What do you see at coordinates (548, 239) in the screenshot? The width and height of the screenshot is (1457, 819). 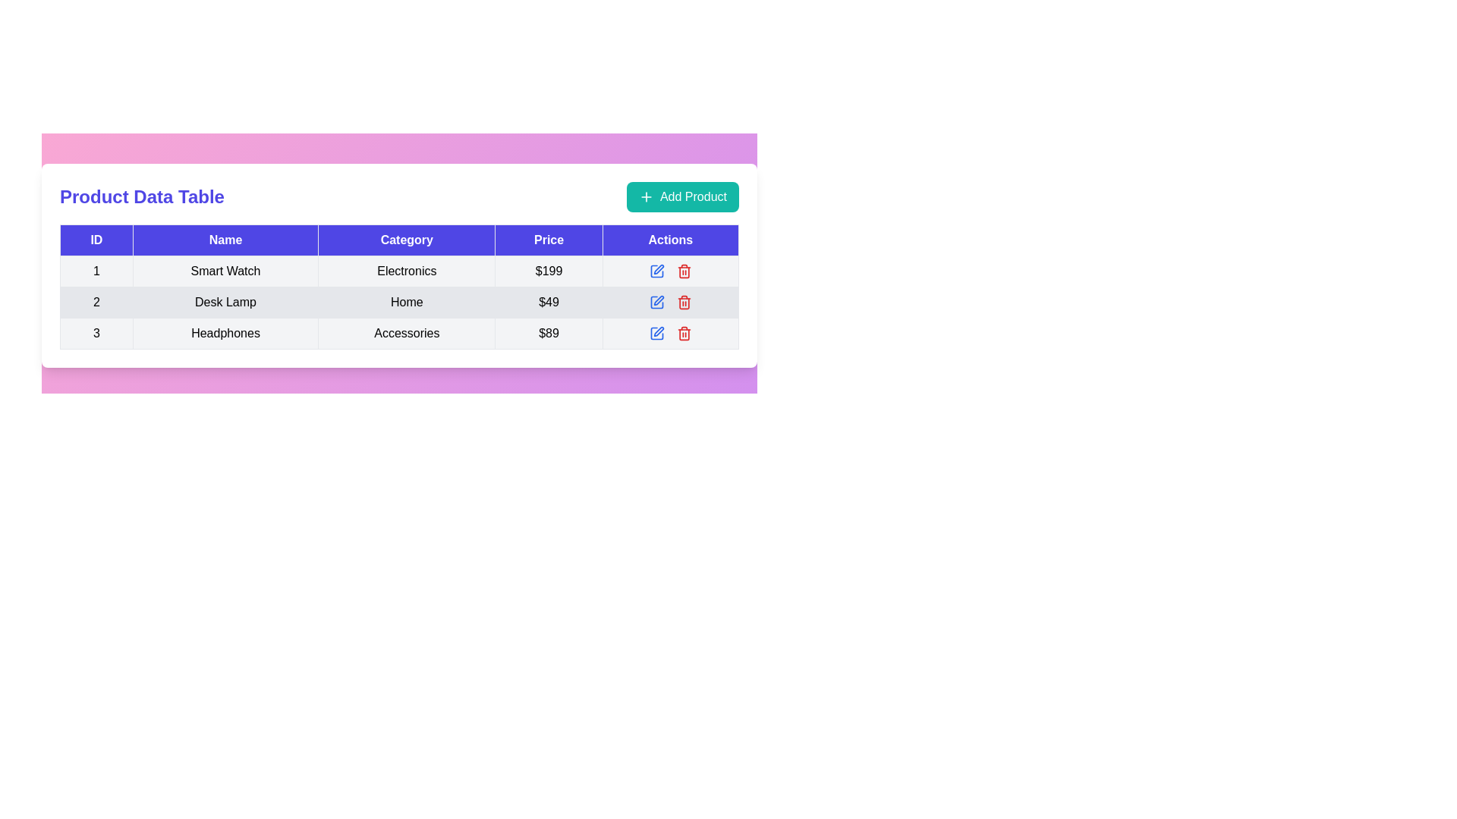 I see `the header label for the price column in the table, which is the fourth element in the header row, located between the 'Category' and 'Actions' labels` at bounding box center [548, 239].